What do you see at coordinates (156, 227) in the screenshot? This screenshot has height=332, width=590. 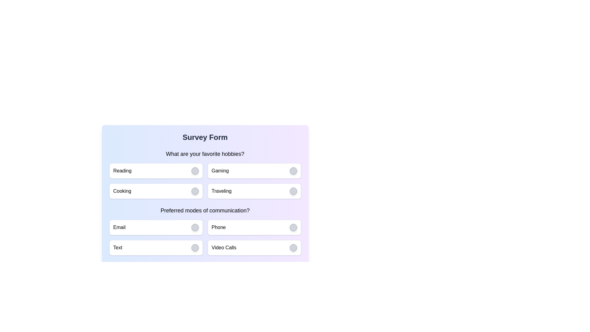 I see `the 'Email' radio button` at bounding box center [156, 227].